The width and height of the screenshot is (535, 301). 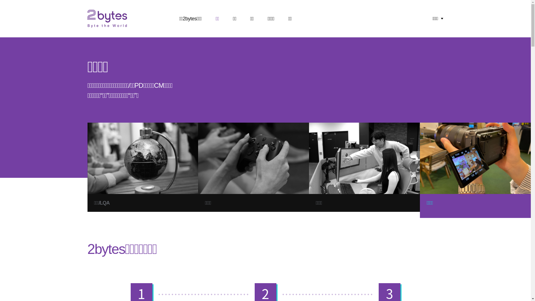 I want to click on '2Bytes byte the world', so click(x=87, y=18).